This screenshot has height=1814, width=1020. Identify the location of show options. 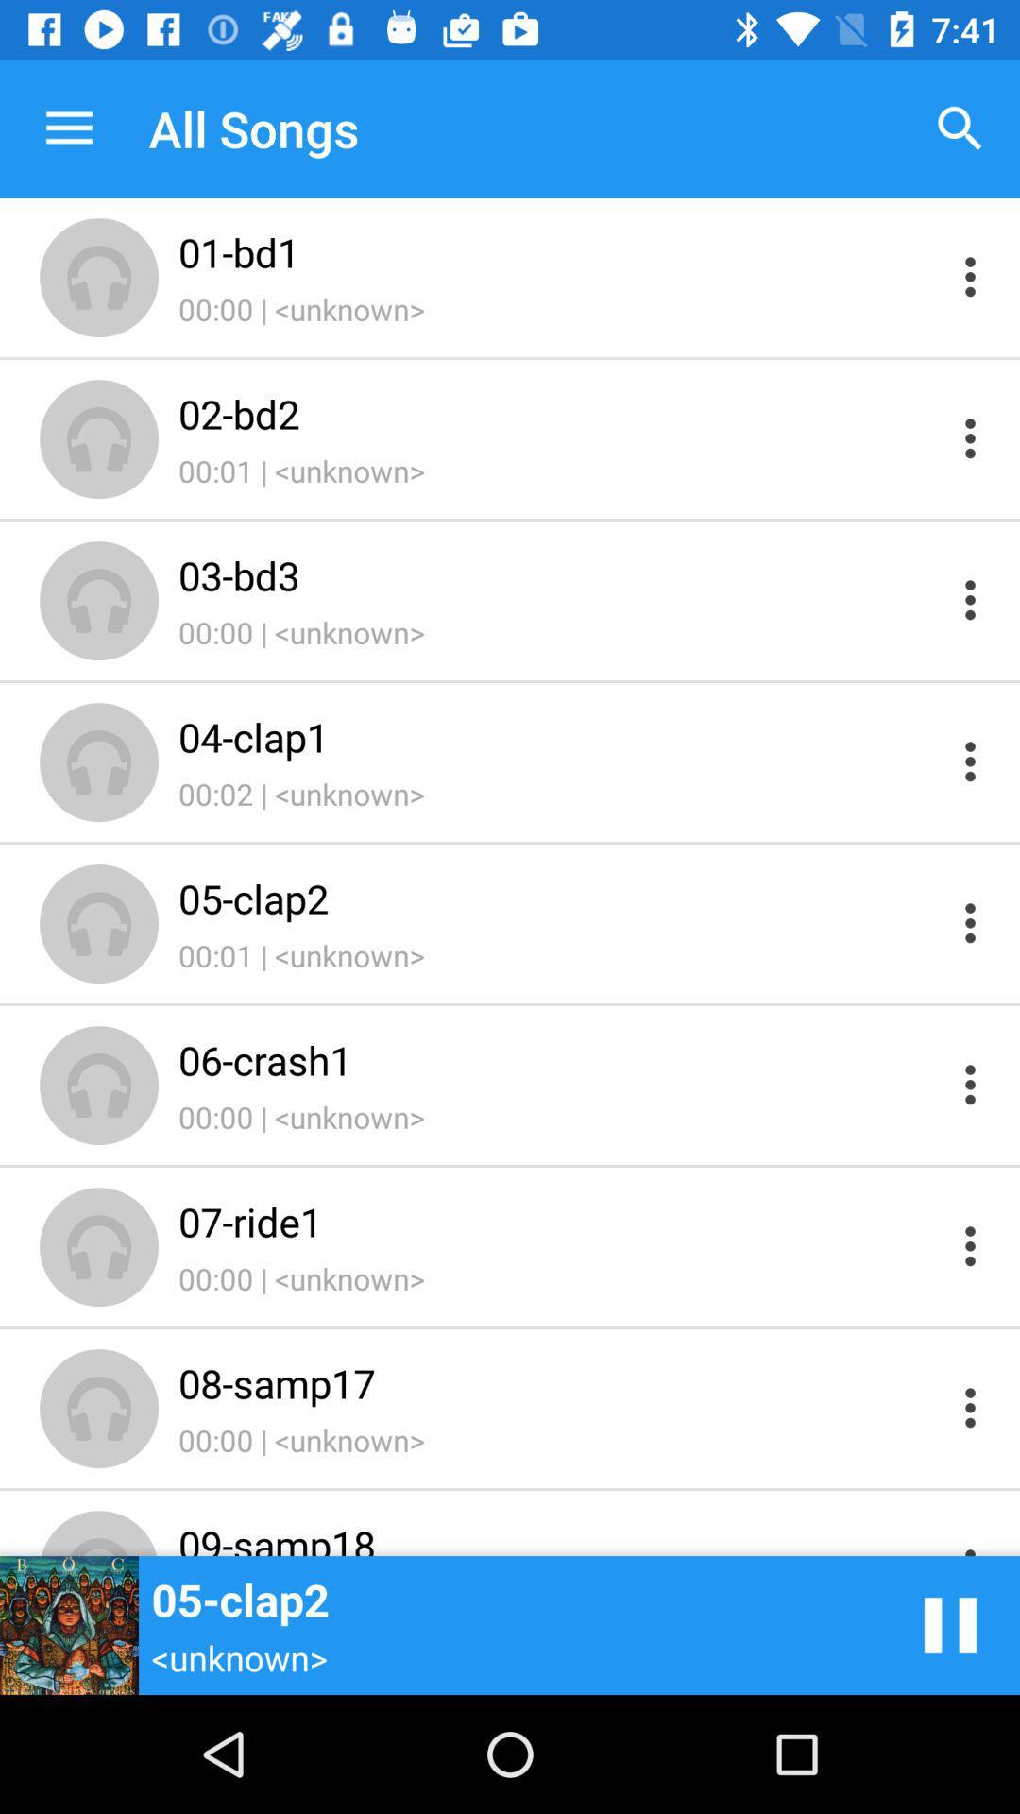
(970, 1408).